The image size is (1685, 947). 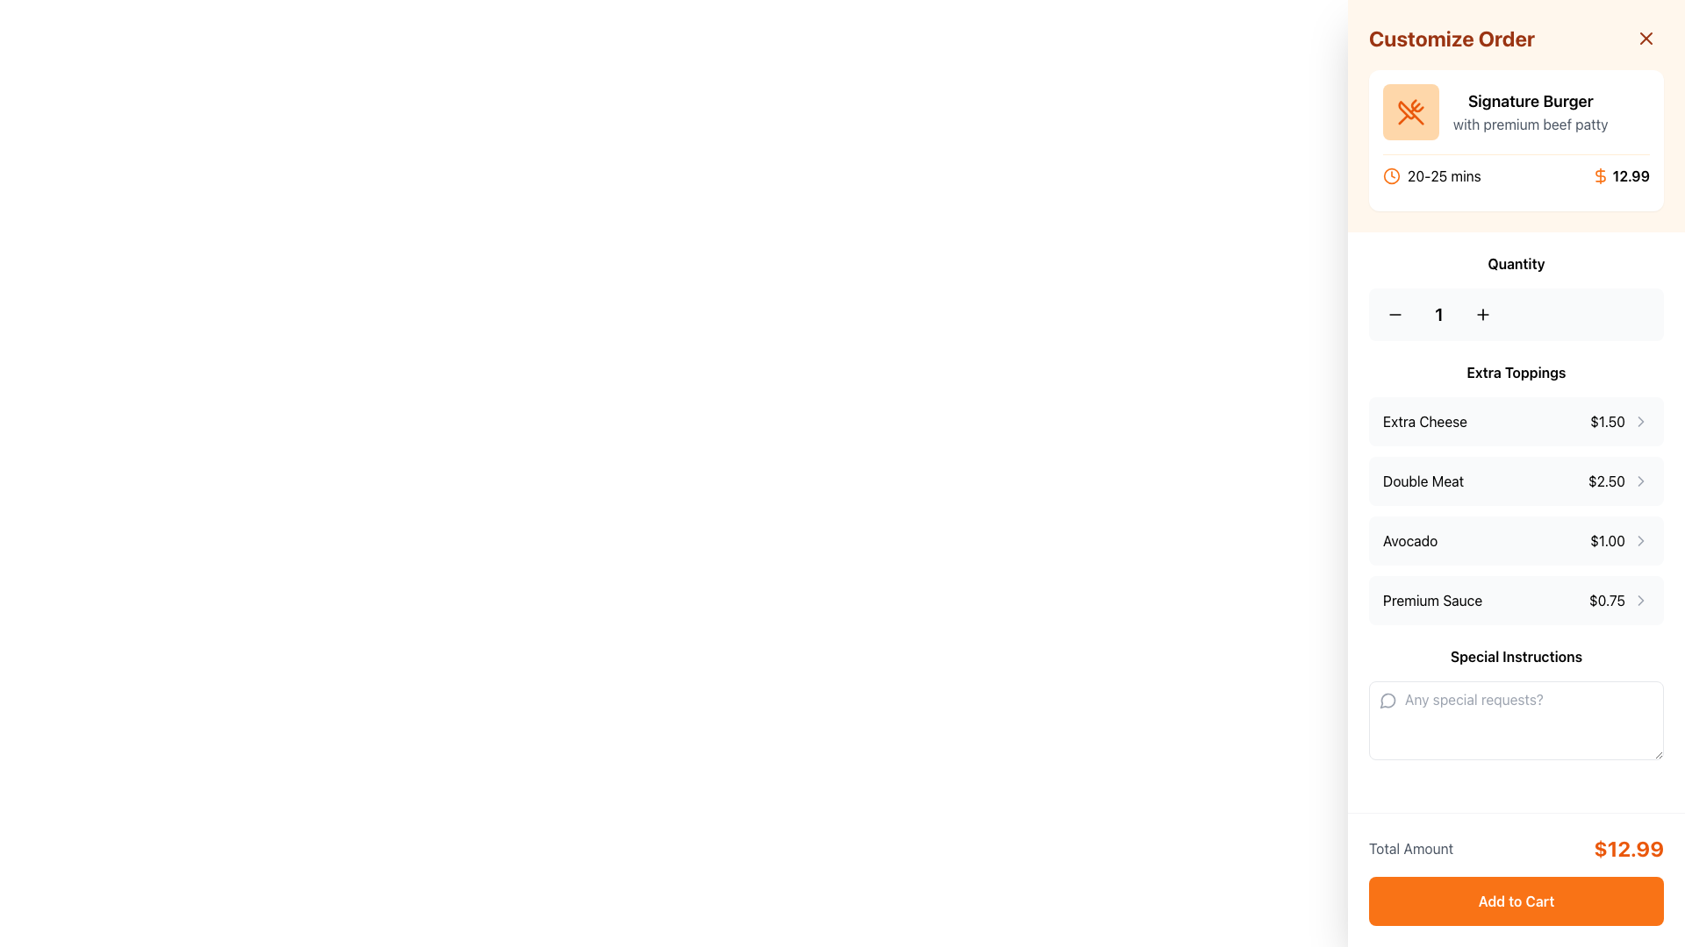 I want to click on the text input area for additional notes located in the customization panel, positioned below the 'Extra Toppings' section and above the 'Total Amount' section, so click(x=1516, y=705).